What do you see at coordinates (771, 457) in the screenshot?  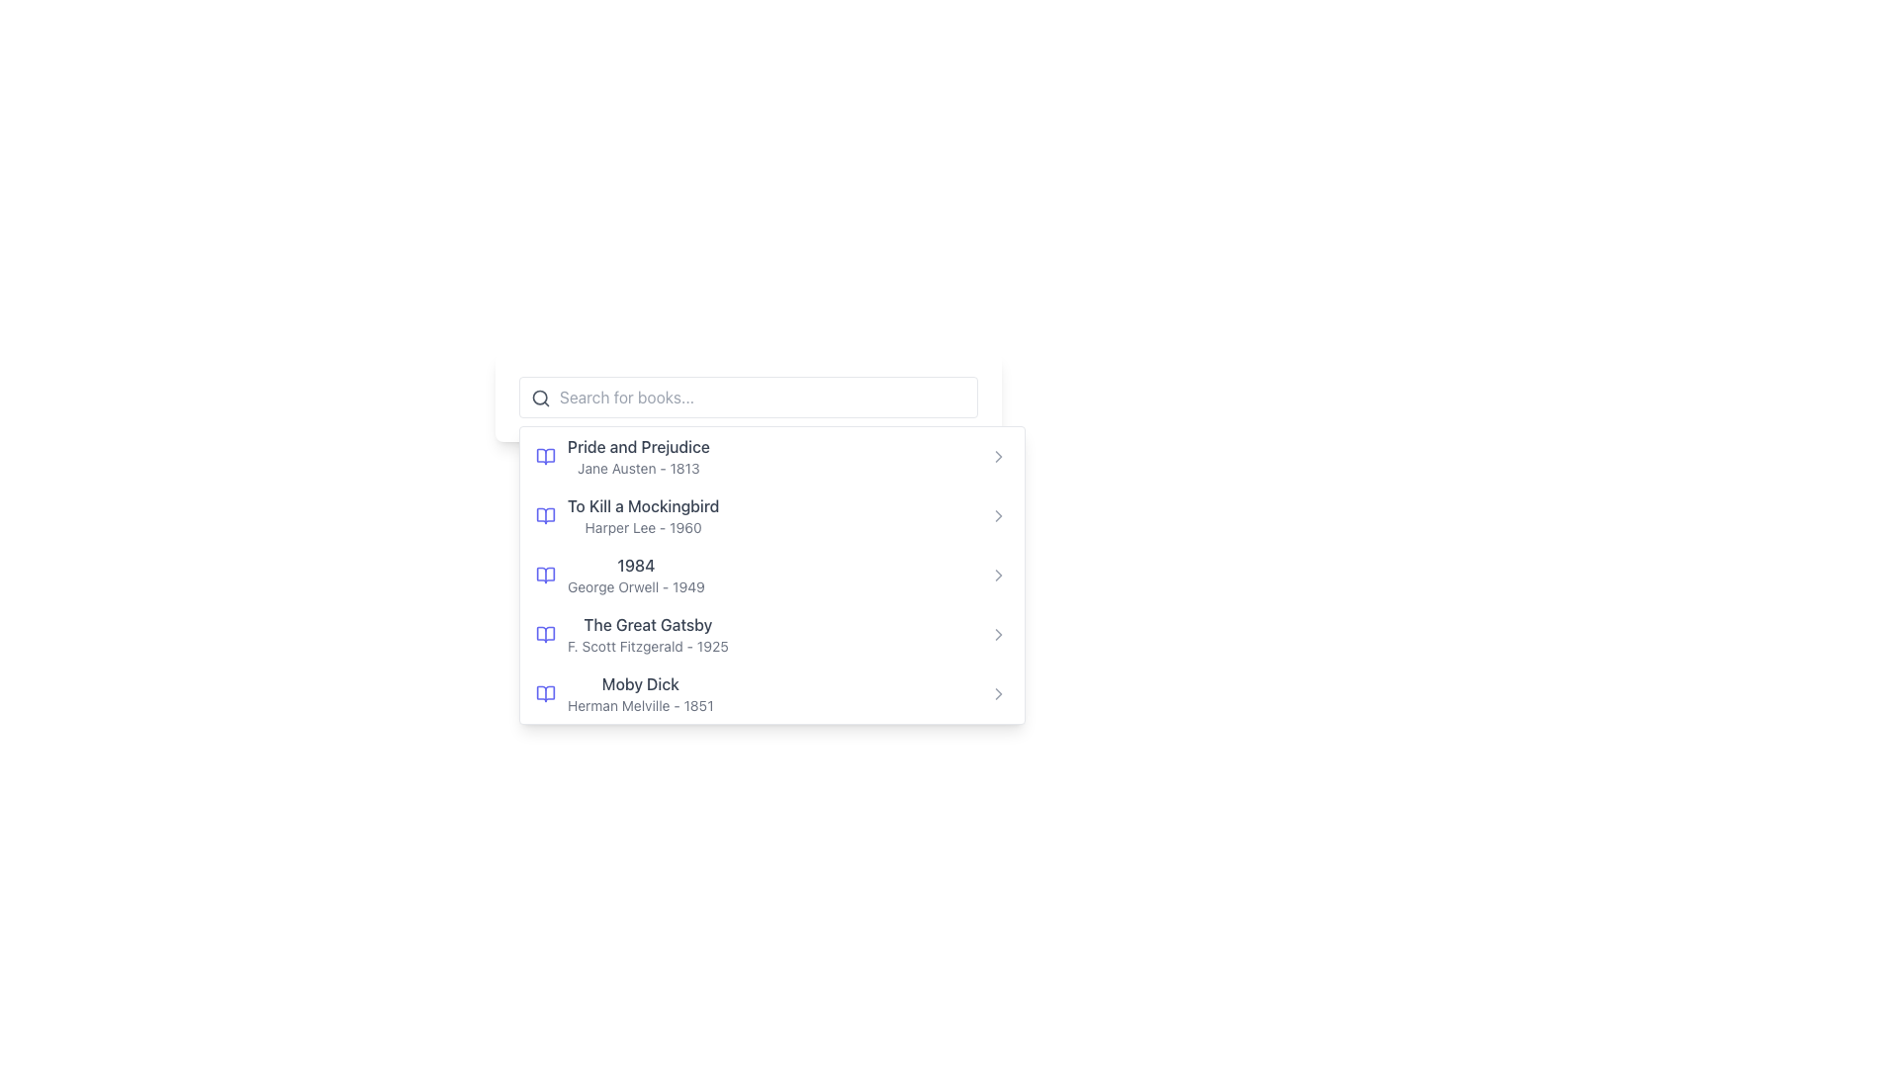 I see `the first selectable item` at bounding box center [771, 457].